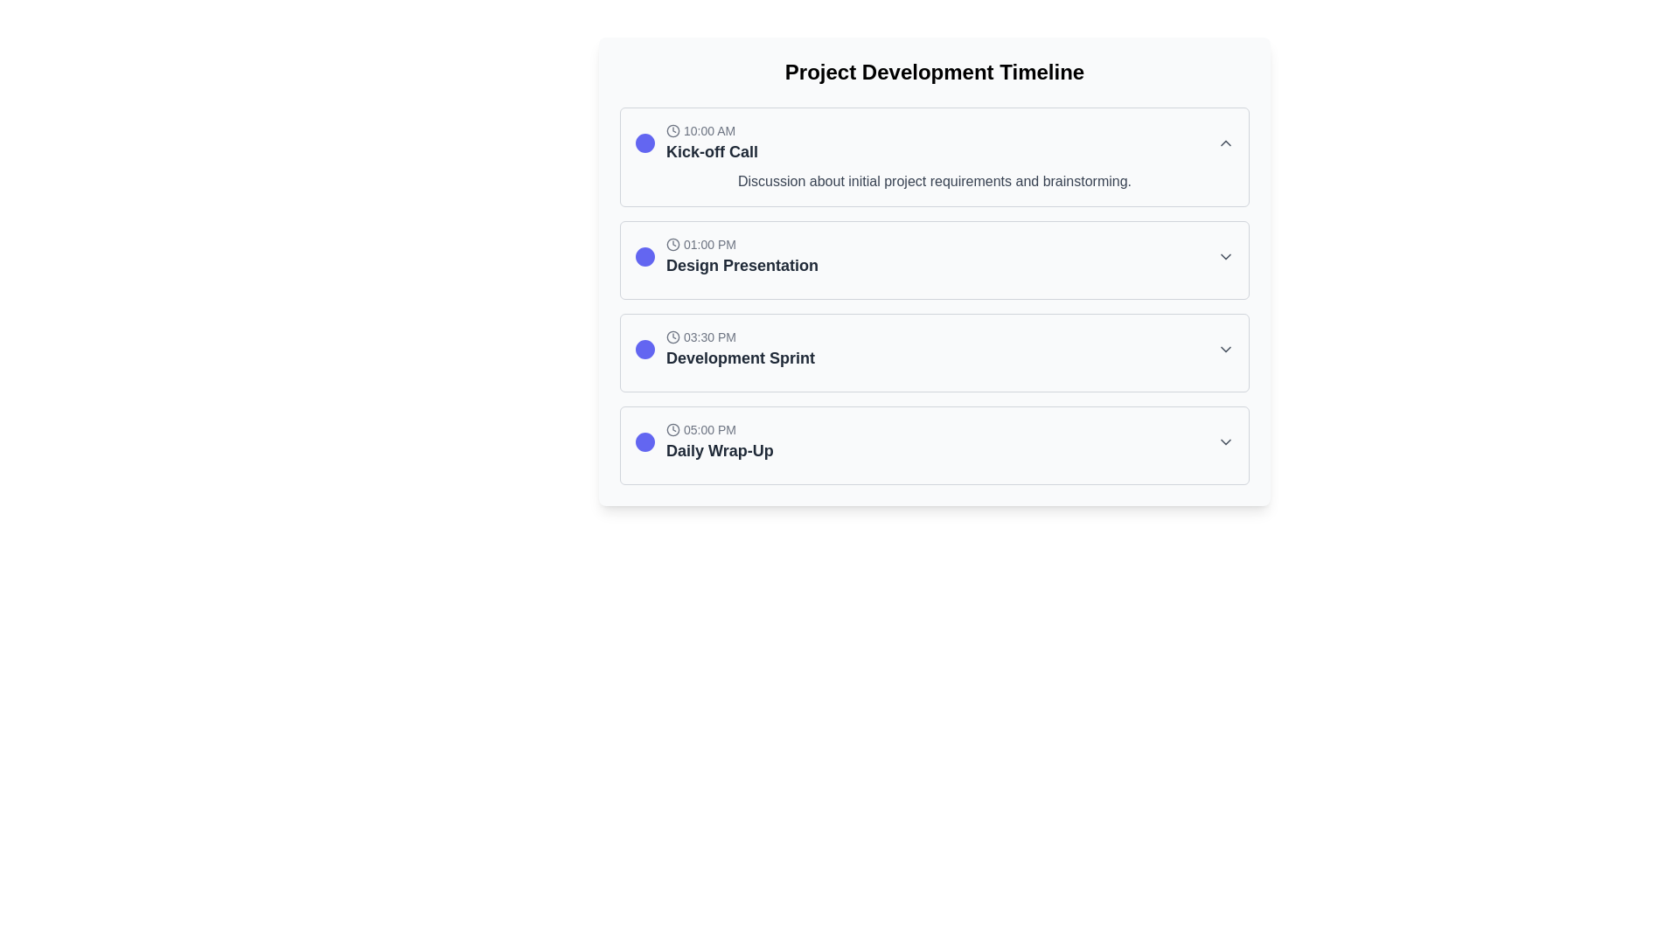 The image size is (1679, 944). Describe the element at coordinates (934, 350) in the screenshot. I see `the third Expandable List Item in the 'Project Development Timeline' section` at that location.